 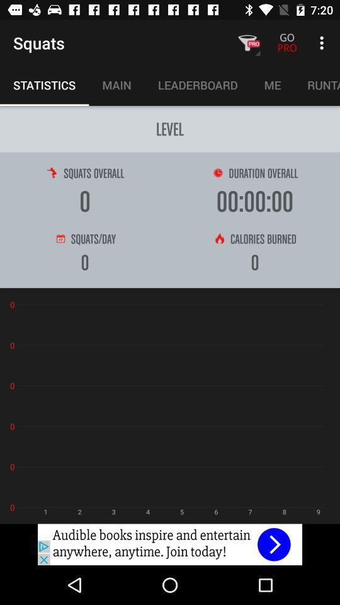 What do you see at coordinates (324, 43) in the screenshot?
I see `clcik the more option from the top right corner` at bounding box center [324, 43].